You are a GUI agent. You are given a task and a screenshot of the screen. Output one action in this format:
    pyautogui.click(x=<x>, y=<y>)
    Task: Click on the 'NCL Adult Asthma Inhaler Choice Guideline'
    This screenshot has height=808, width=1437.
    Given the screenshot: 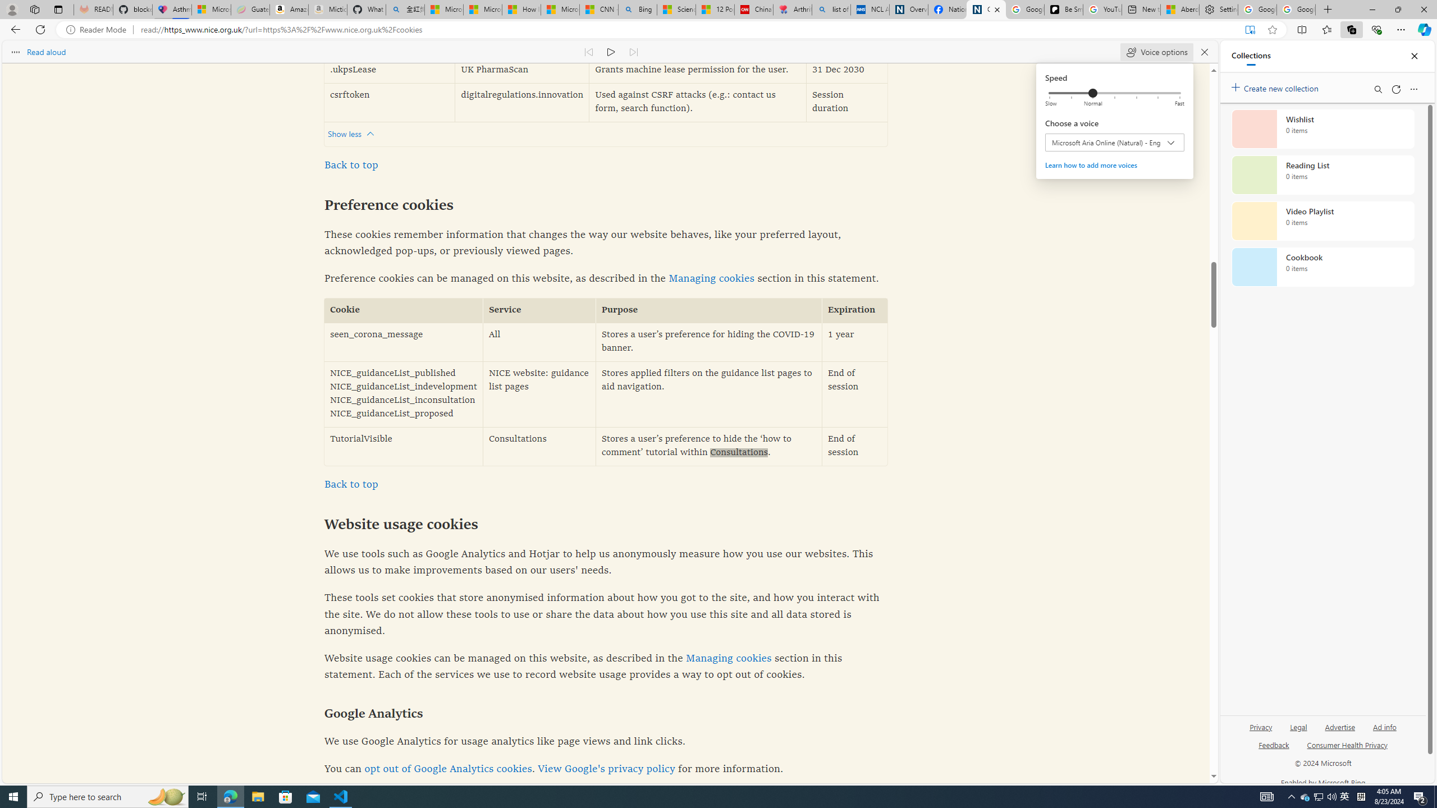 What is the action you would take?
    pyautogui.click(x=869, y=9)
    